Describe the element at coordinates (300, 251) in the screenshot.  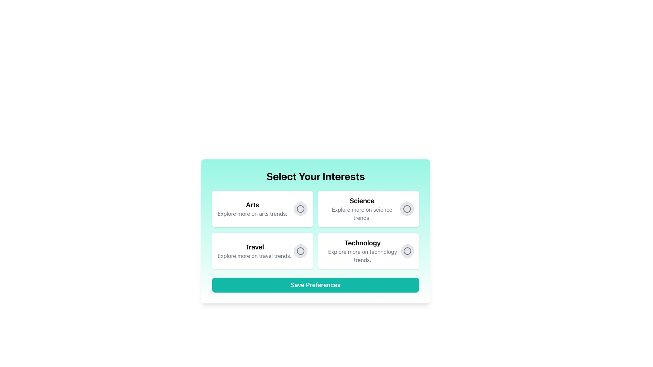
I see `the radio button for the 'Travel' category located in the bottom-left card` at that location.